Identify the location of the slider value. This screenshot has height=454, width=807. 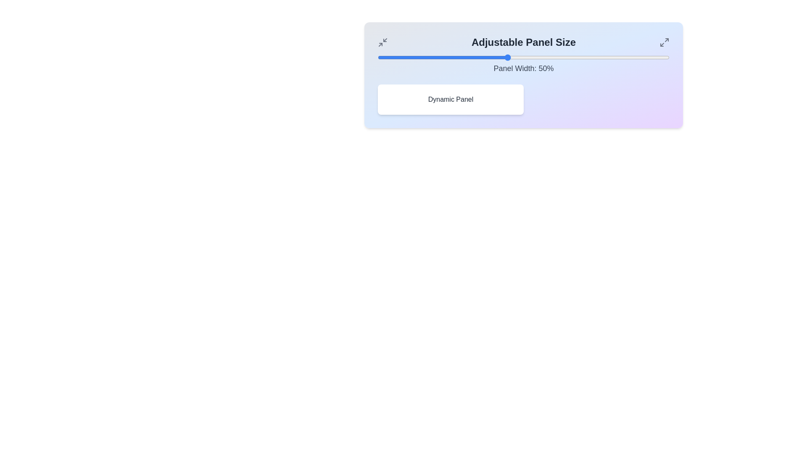
(377, 57).